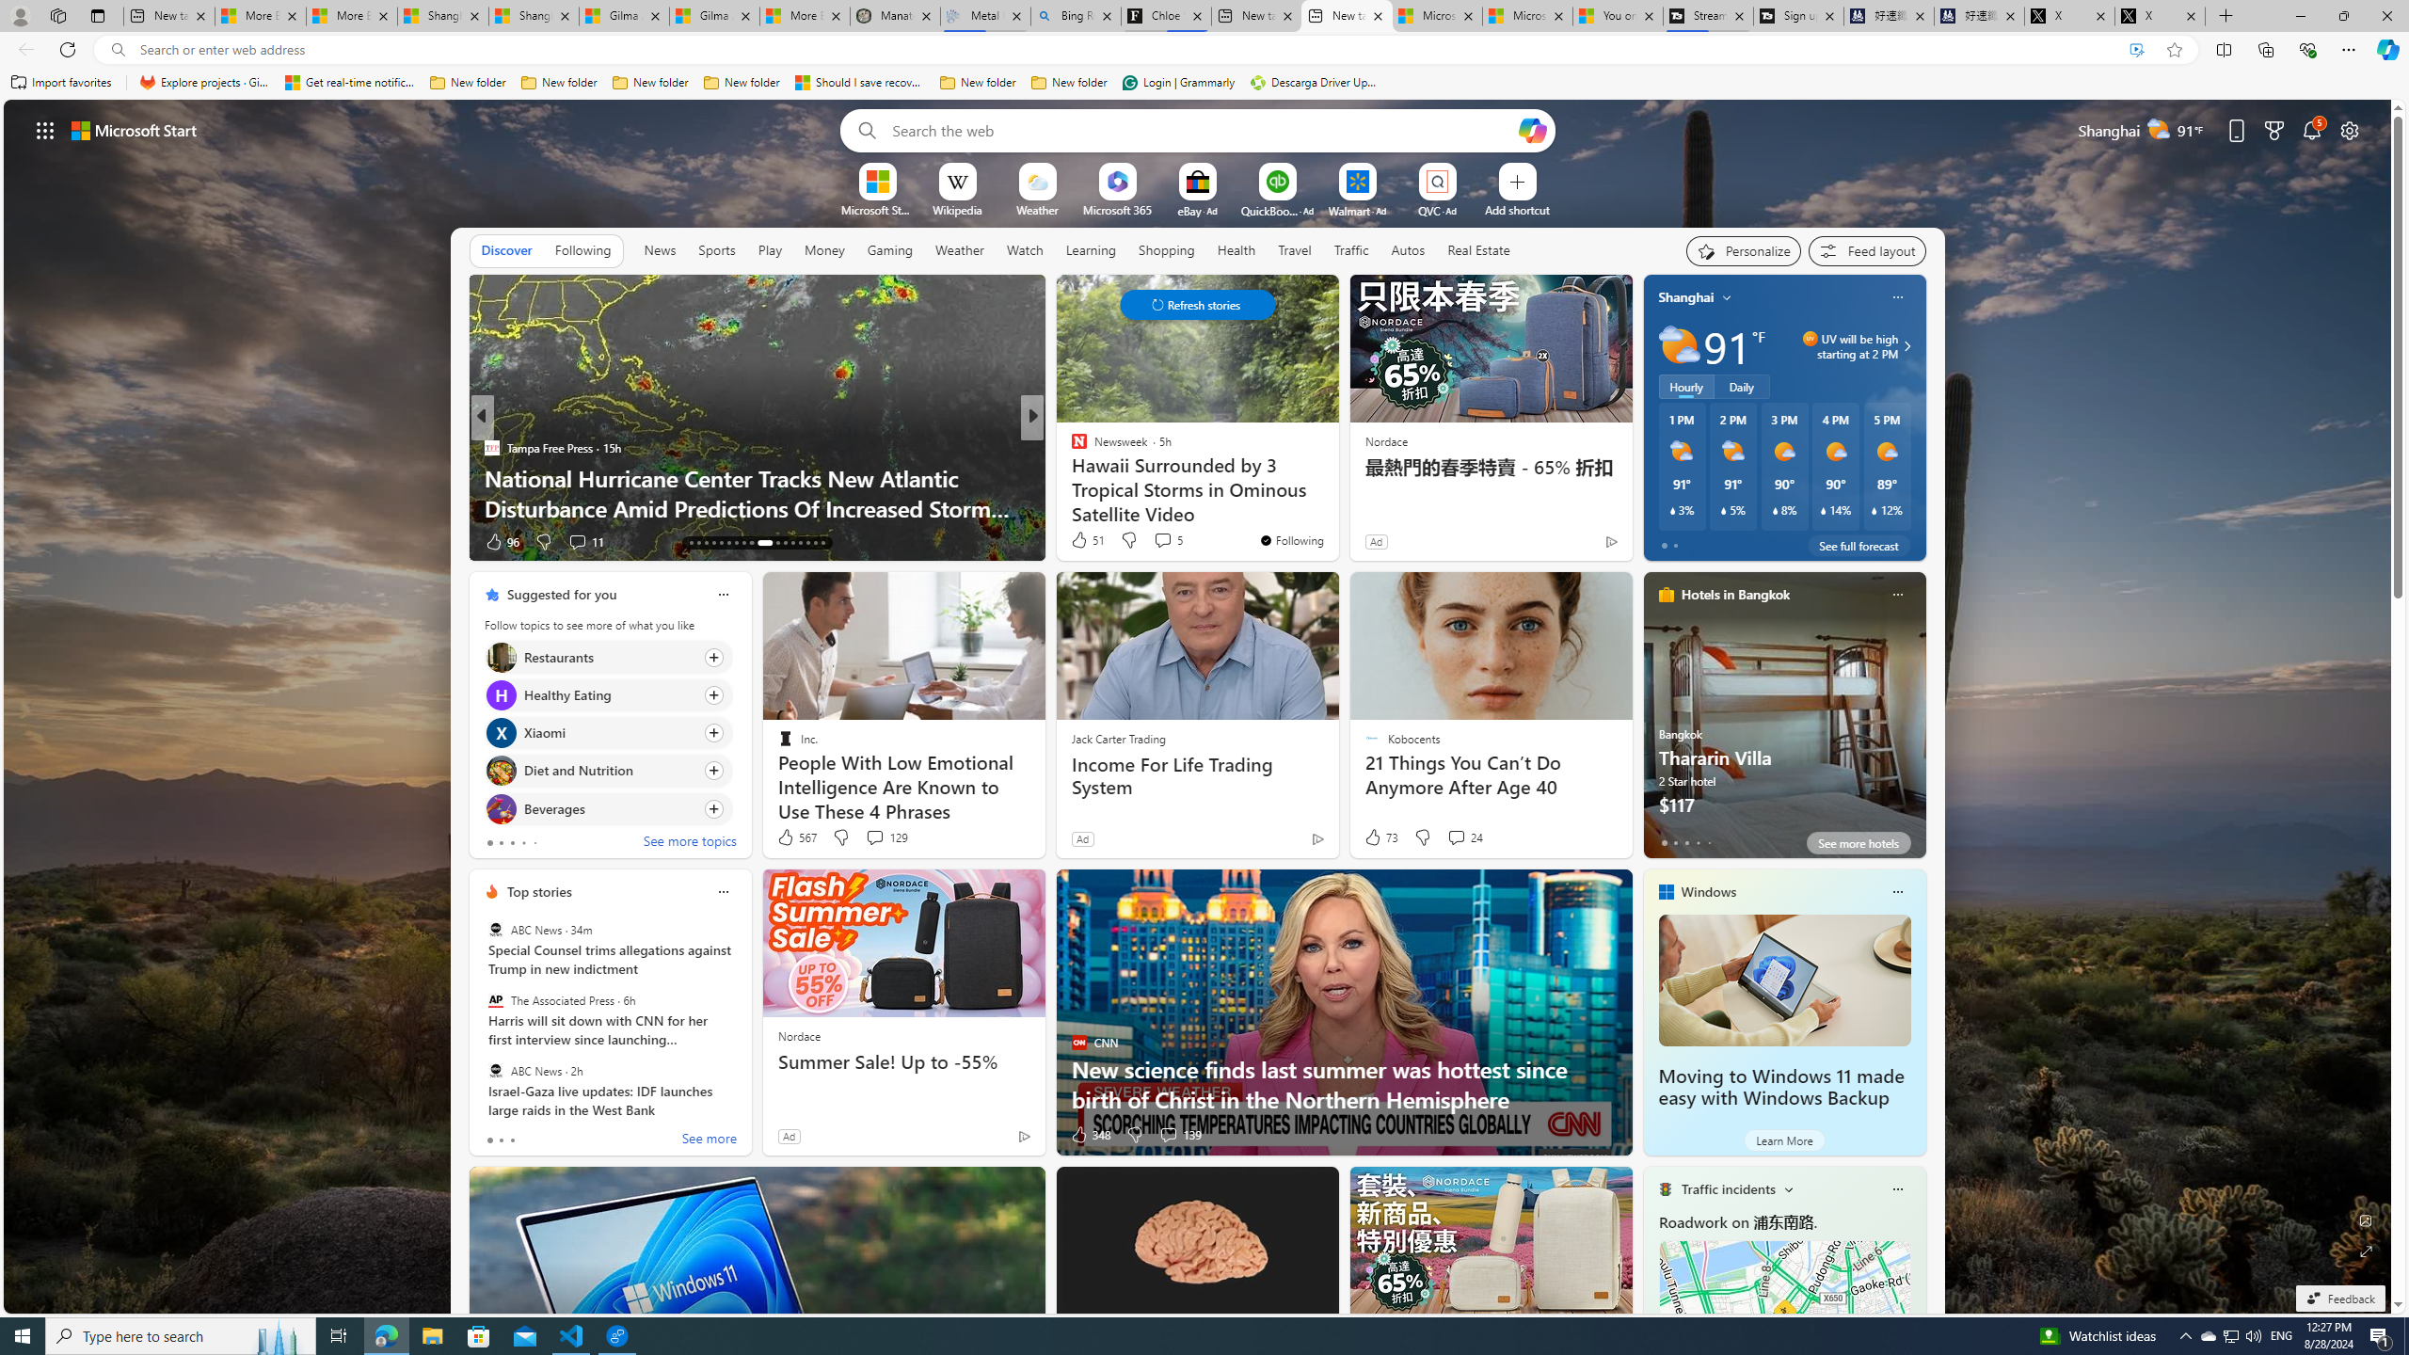  Describe the element at coordinates (1875, 509) in the screenshot. I see `'Class: weather-current-precipitation-glyph'` at that location.